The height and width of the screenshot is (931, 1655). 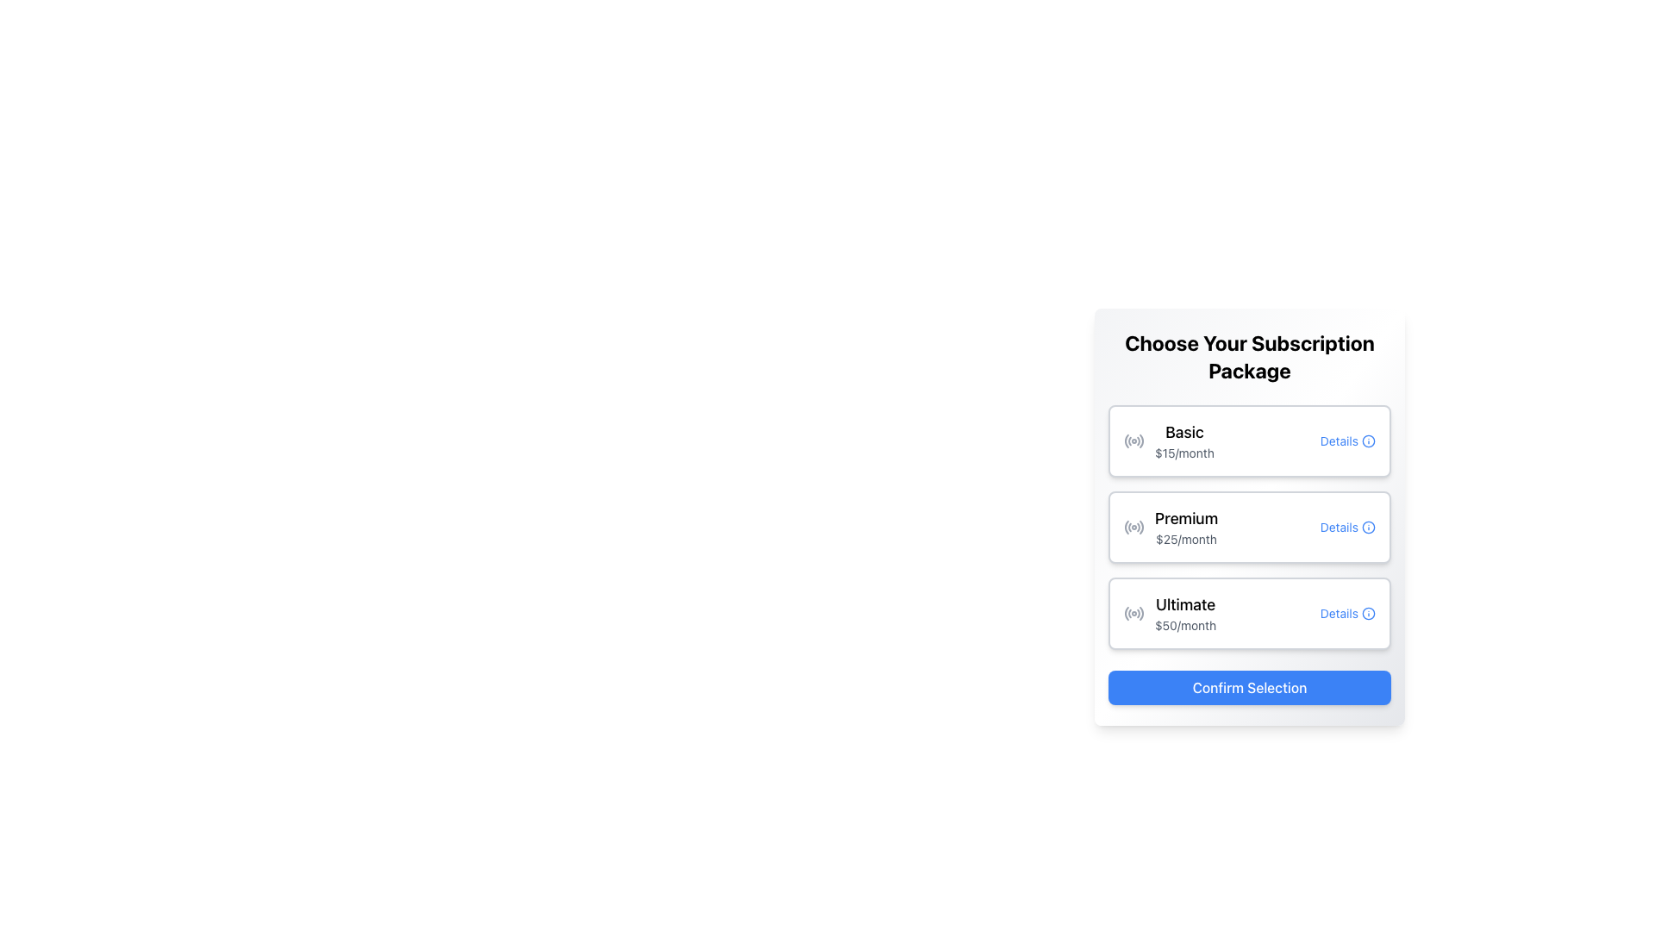 What do you see at coordinates (1184, 625) in the screenshot?
I see `the Text Label that displays the pricing information for the 'Ultimate' subscription plan, located under the title 'Ultimate'` at bounding box center [1184, 625].